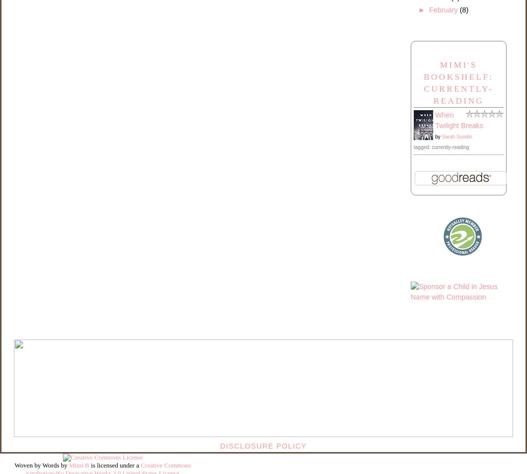  I want to click on 'When Twilight Breaks', so click(458, 120).